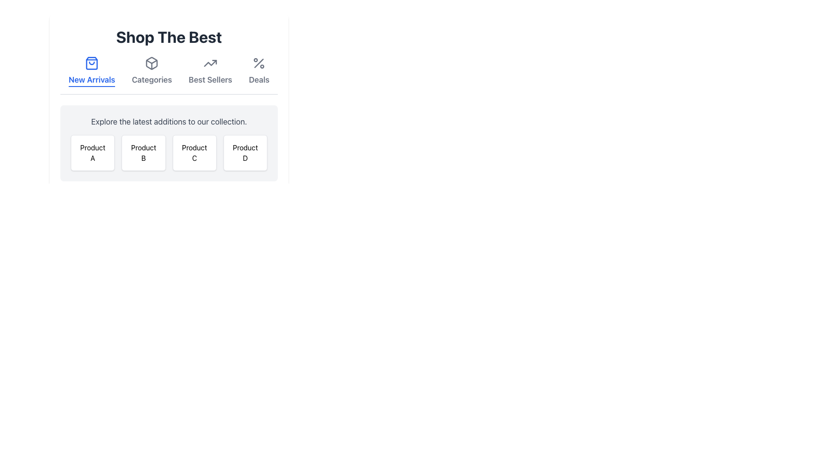 The image size is (840, 472). I want to click on the text label element that identifies 'Product A', which is the first element in a grid layout of product labels, so click(93, 153).